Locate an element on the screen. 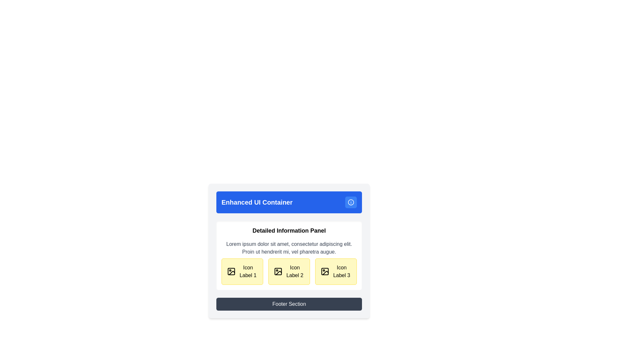 The height and width of the screenshot is (348, 620). the icon labeled 'Icon Label 1' which is styled as an illustration of an image within a square frame, surrounded by a yellow background, located in the 'Detailed Information Panel' is located at coordinates (231, 272).